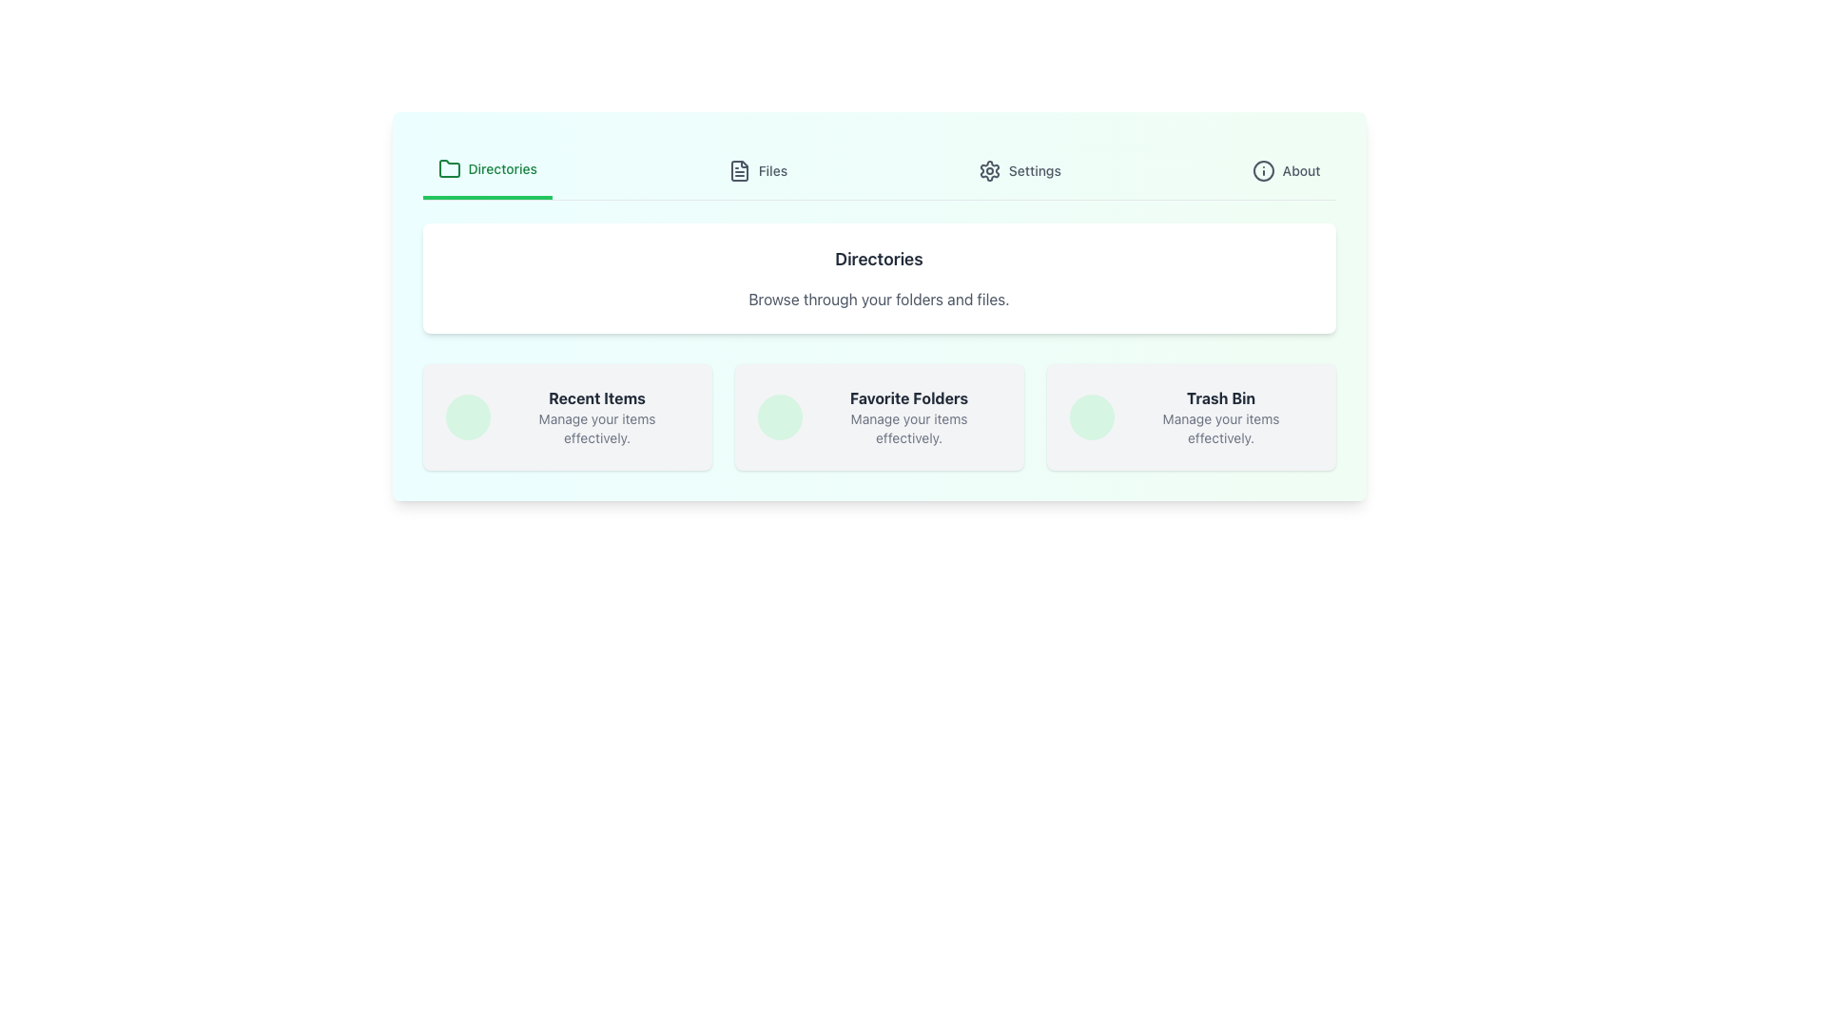 This screenshot has width=1826, height=1027. Describe the element at coordinates (878, 300) in the screenshot. I see `the informational text element located below the 'Directories' heading` at that location.